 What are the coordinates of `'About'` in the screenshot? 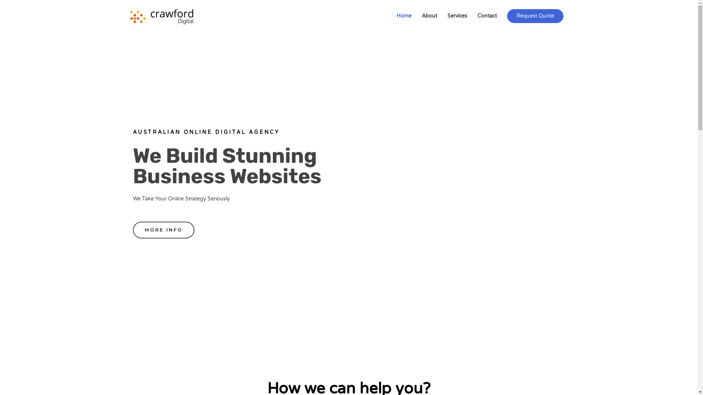 It's located at (429, 16).